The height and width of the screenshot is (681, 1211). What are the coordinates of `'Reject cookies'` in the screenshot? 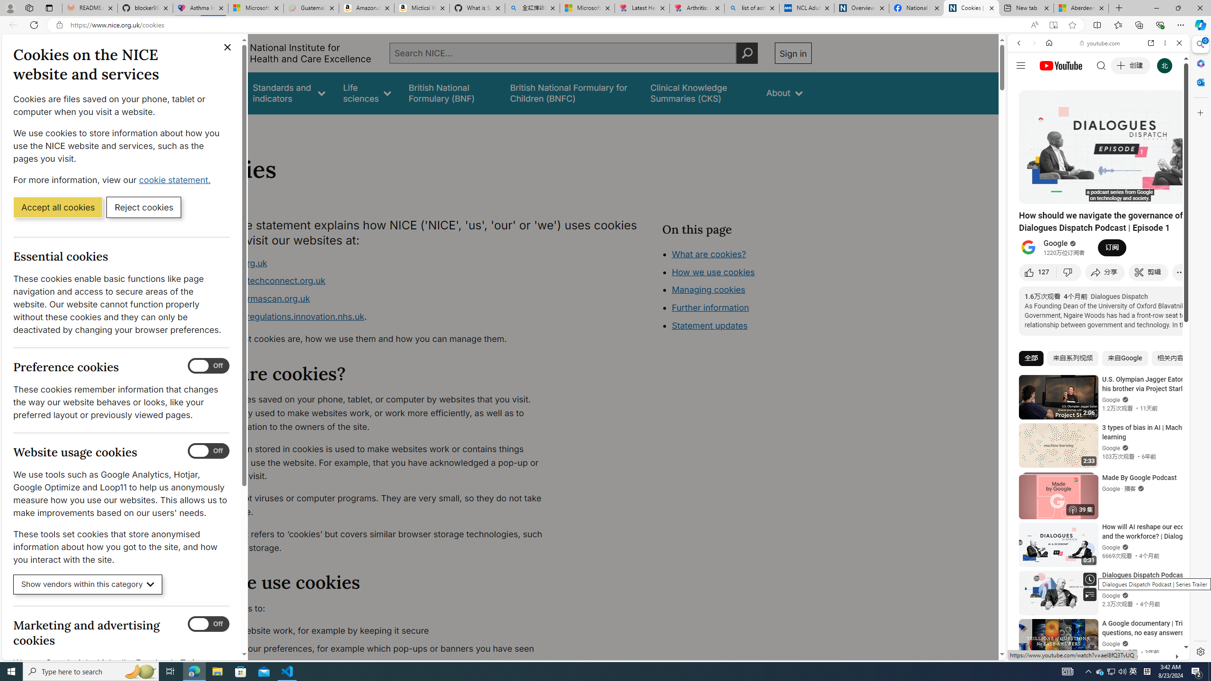 It's located at (143, 206).